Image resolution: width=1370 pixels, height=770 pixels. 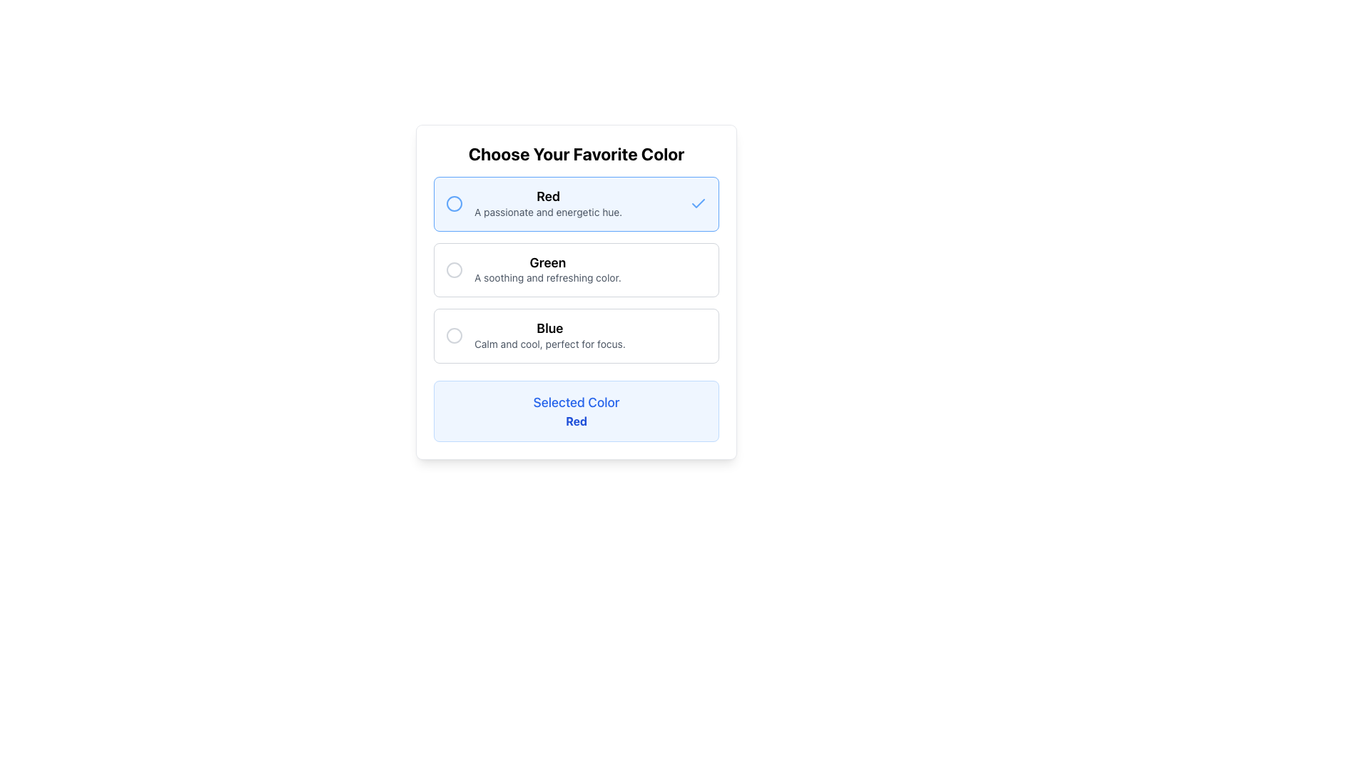 I want to click on the static text label that serves as a descriptive subtitle for the choice labeled 'Blue', located below the title 'Blue' in the grouped interface for color selection, so click(x=549, y=344).